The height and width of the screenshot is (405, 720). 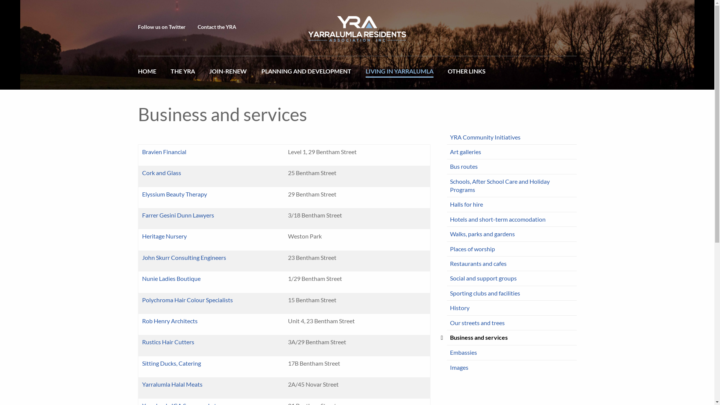 I want to click on 'Sporting clubs and facilities', so click(x=447, y=293).